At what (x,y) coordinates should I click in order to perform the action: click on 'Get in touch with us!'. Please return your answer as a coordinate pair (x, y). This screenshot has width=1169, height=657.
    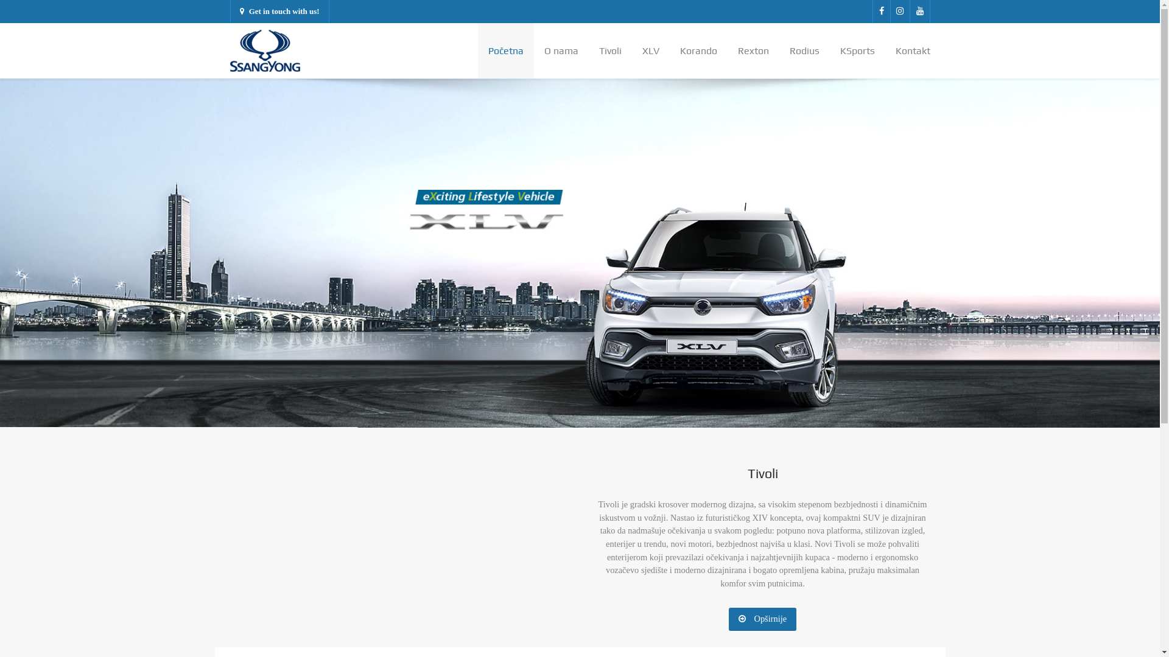
    Looking at the image, I should click on (279, 12).